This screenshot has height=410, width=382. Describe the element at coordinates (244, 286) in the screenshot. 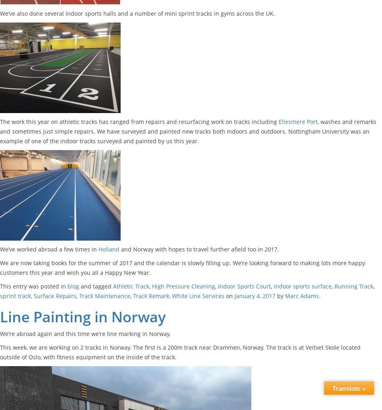

I see `'Indoor Sports Court'` at that location.